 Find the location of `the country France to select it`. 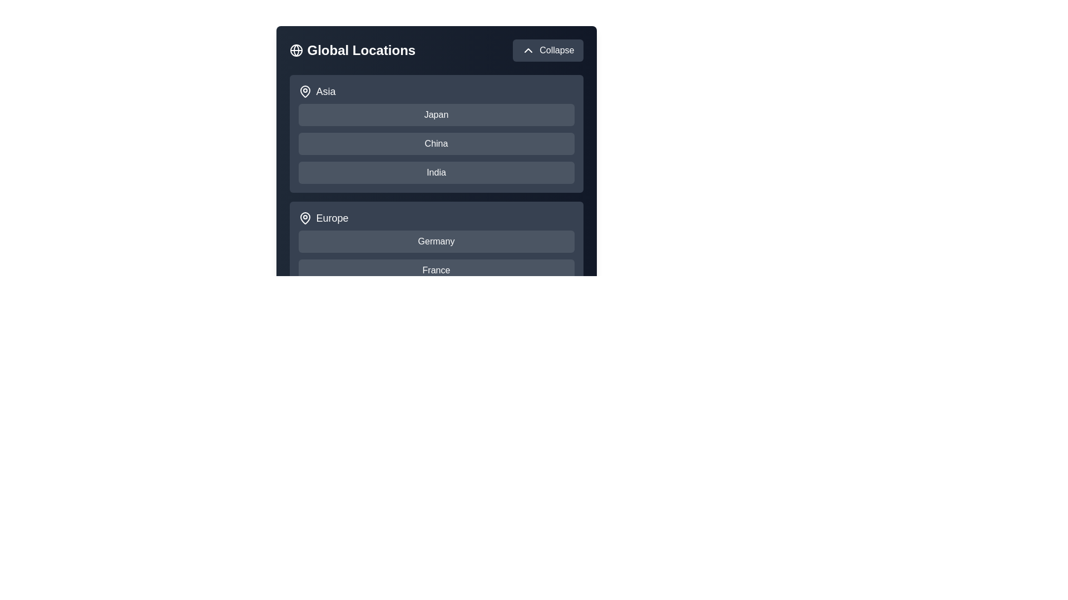

the country France to select it is located at coordinates (436, 270).